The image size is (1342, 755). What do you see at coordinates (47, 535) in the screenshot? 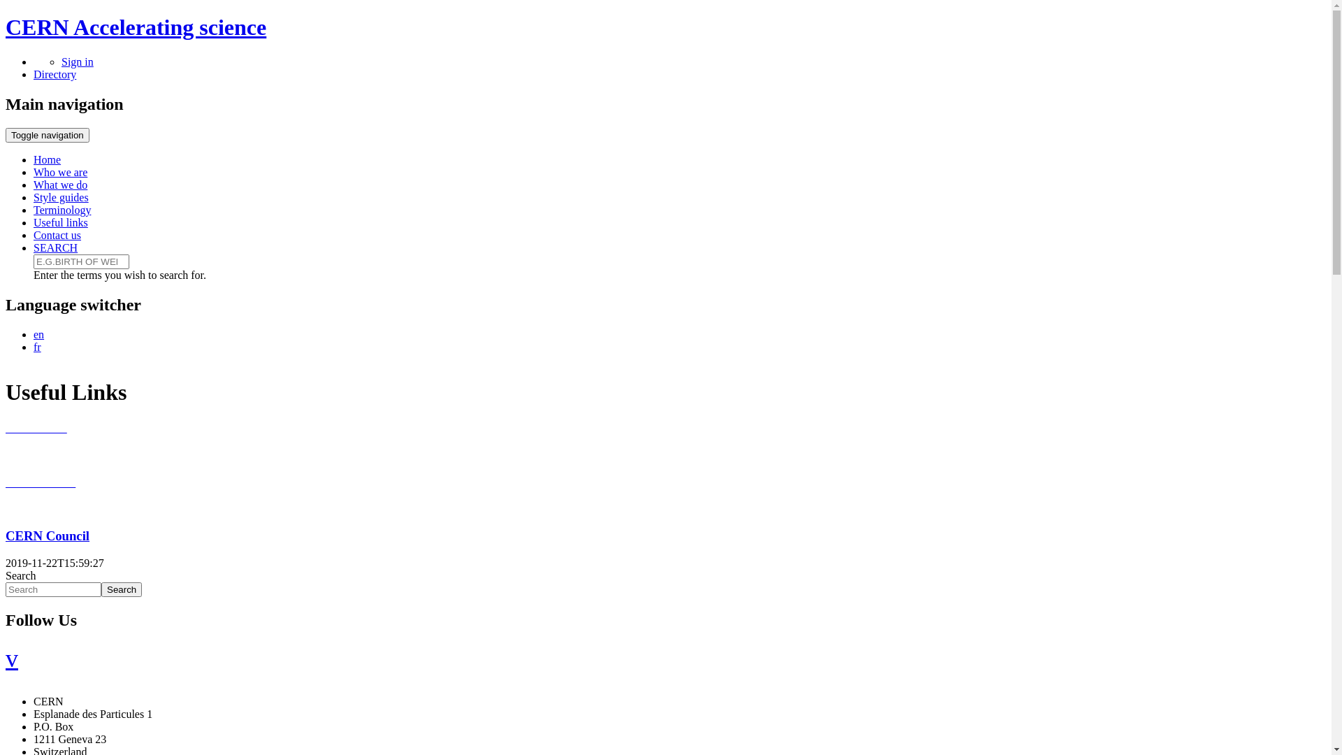
I see `'CERN Council'` at bounding box center [47, 535].